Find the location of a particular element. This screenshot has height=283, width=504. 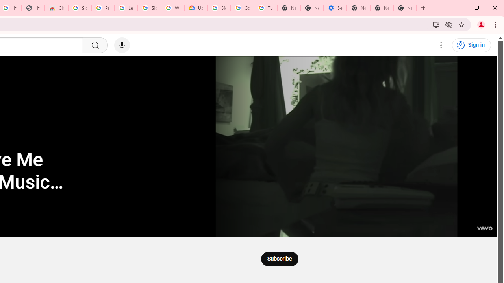

'Install YouTube' is located at coordinates (435, 24).